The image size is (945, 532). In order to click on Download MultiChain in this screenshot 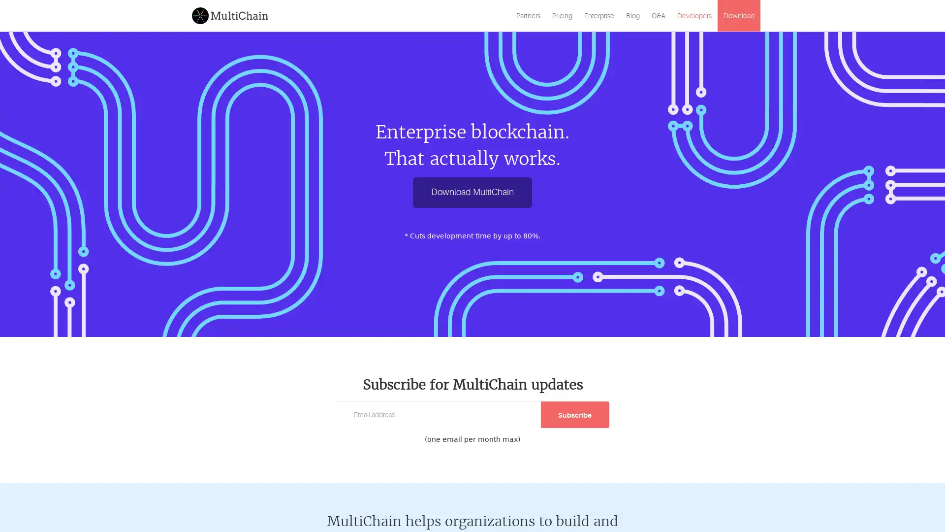, I will do `click(472, 192)`.